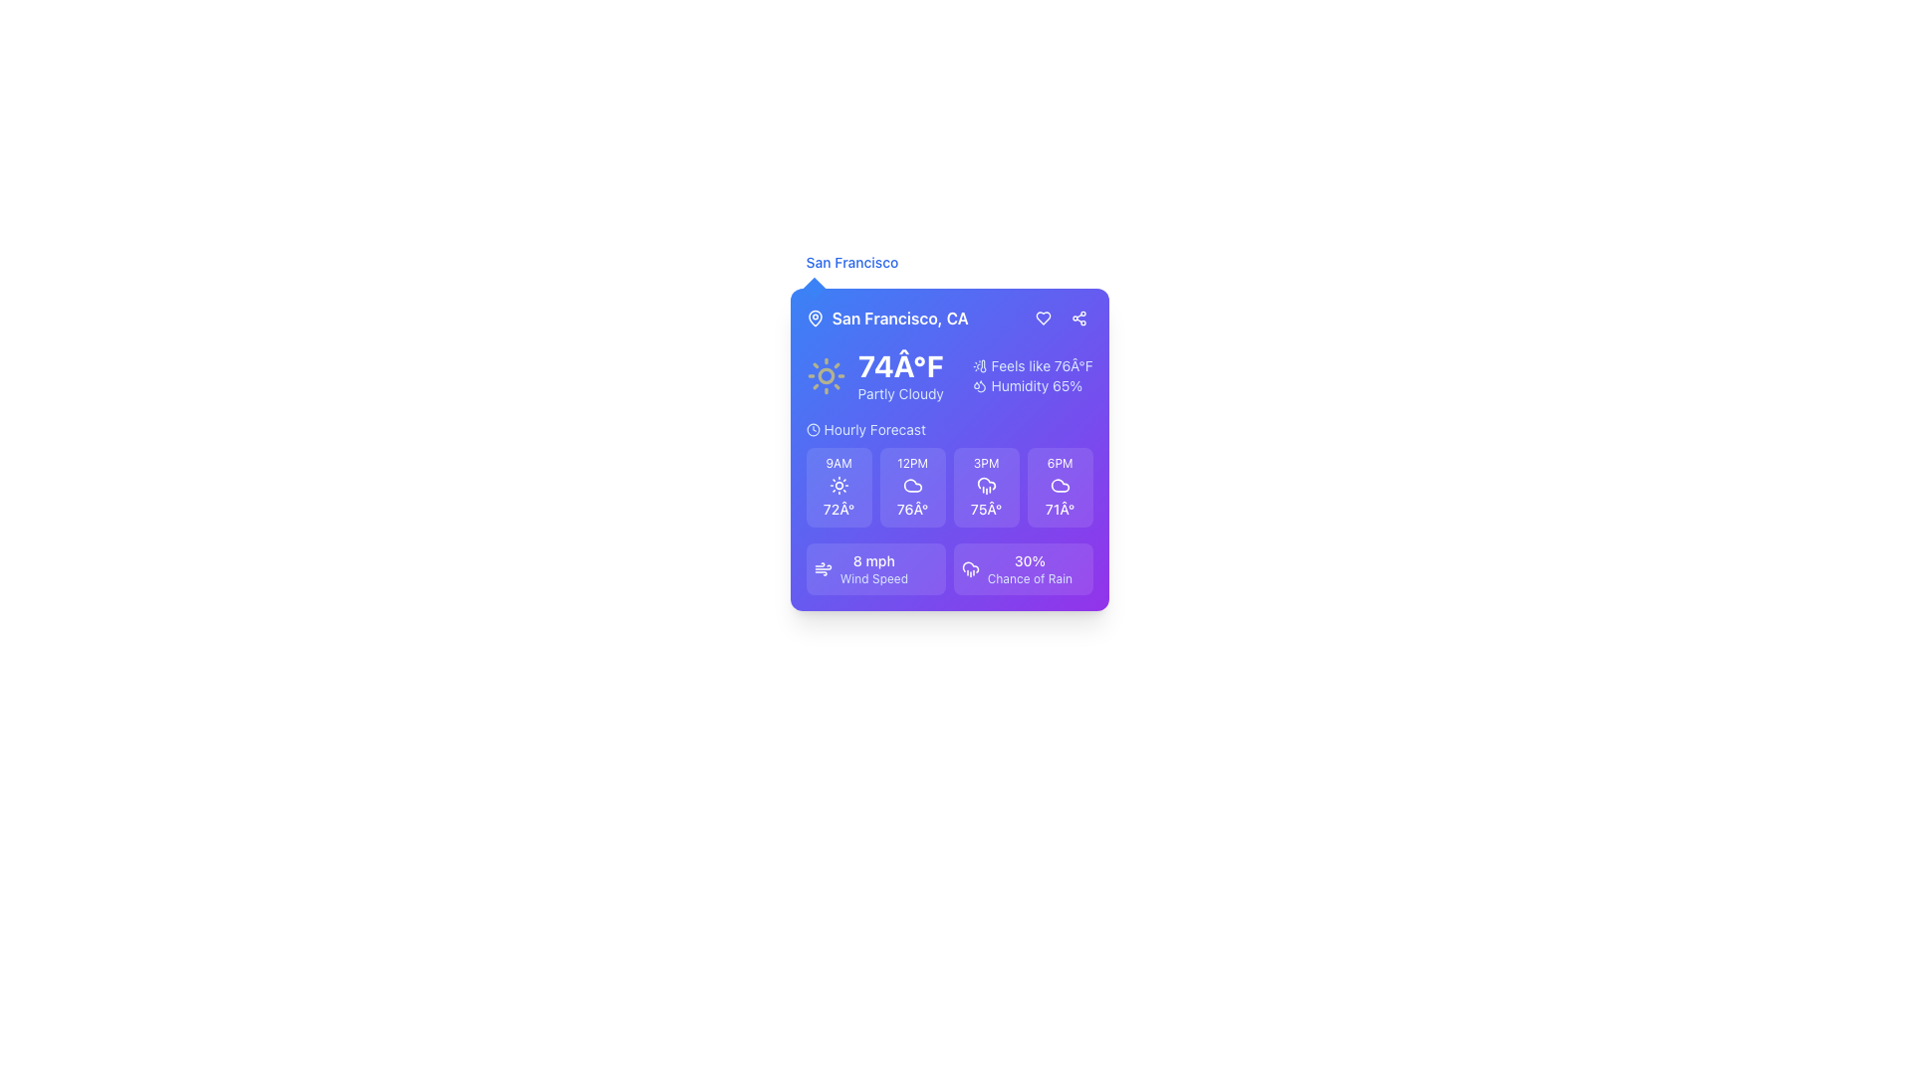  I want to click on the cloud icon representing the weather condition for '6PM' in the hourly forecast section of the weather card, so click(1059, 486).